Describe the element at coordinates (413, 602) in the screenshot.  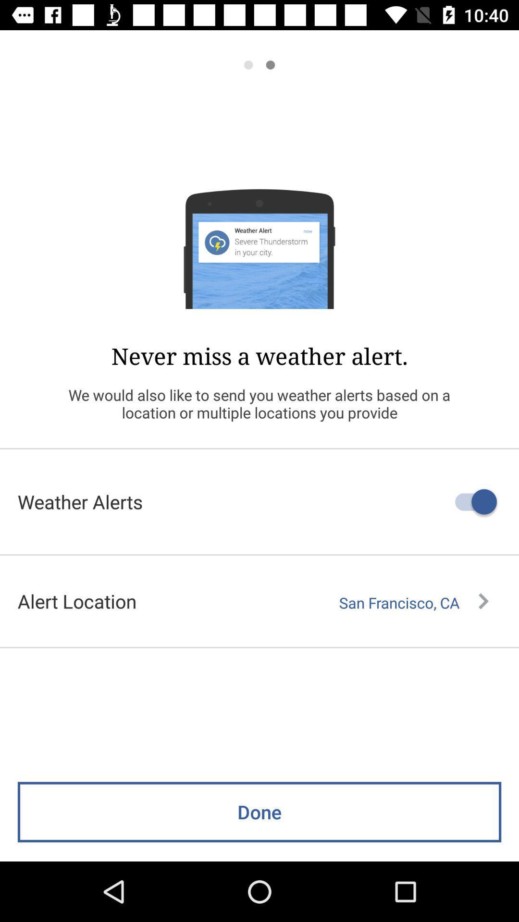
I see `san francisco, ca item` at that location.